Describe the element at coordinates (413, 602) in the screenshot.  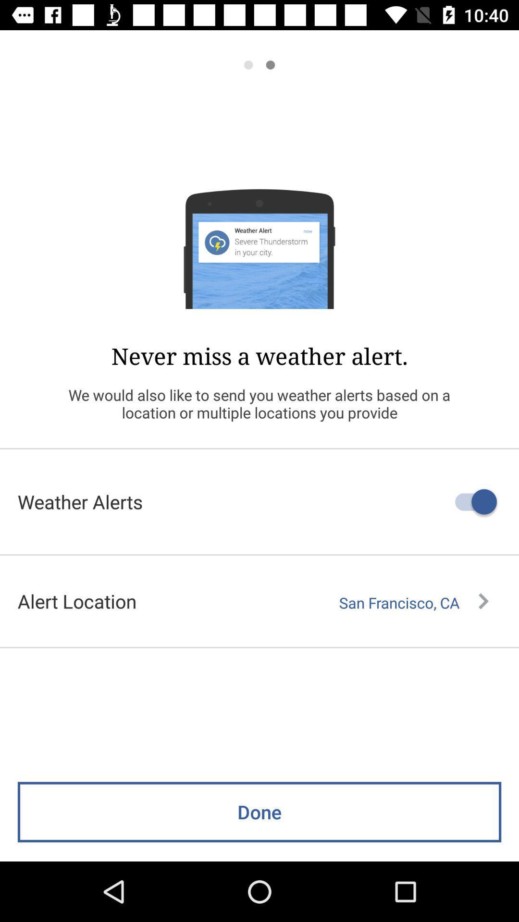
I see `san francisco, ca item` at that location.